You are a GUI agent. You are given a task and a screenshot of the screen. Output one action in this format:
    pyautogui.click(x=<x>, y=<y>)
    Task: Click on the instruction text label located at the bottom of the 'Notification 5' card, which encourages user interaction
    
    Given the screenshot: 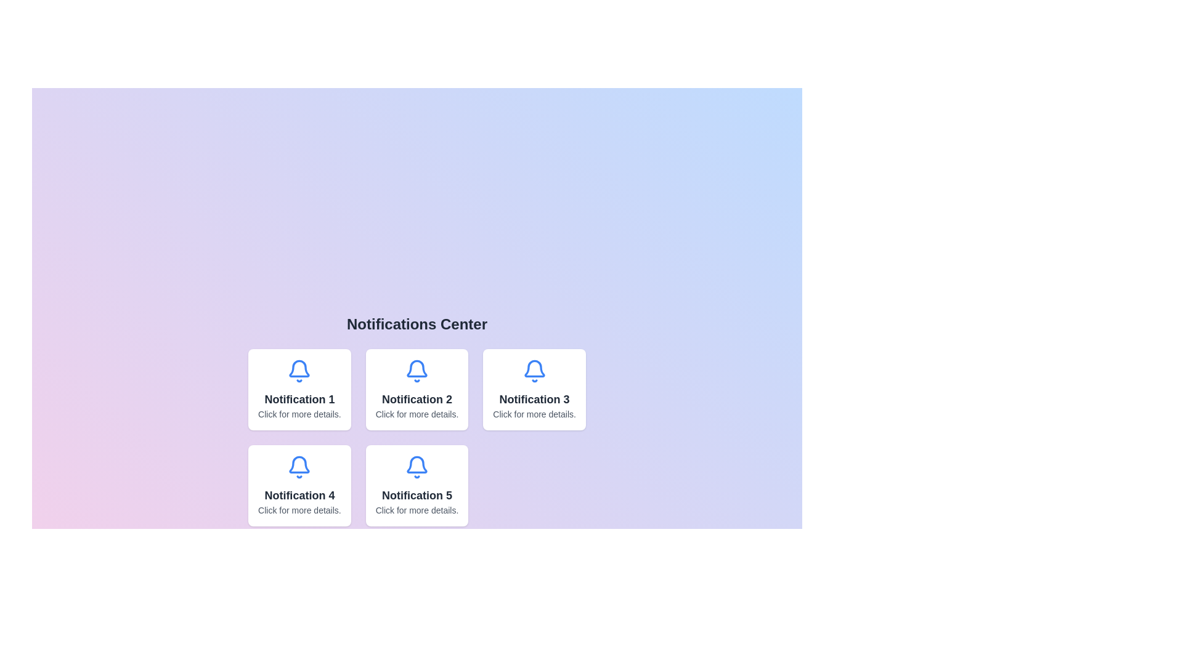 What is the action you would take?
    pyautogui.click(x=417, y=510)
    